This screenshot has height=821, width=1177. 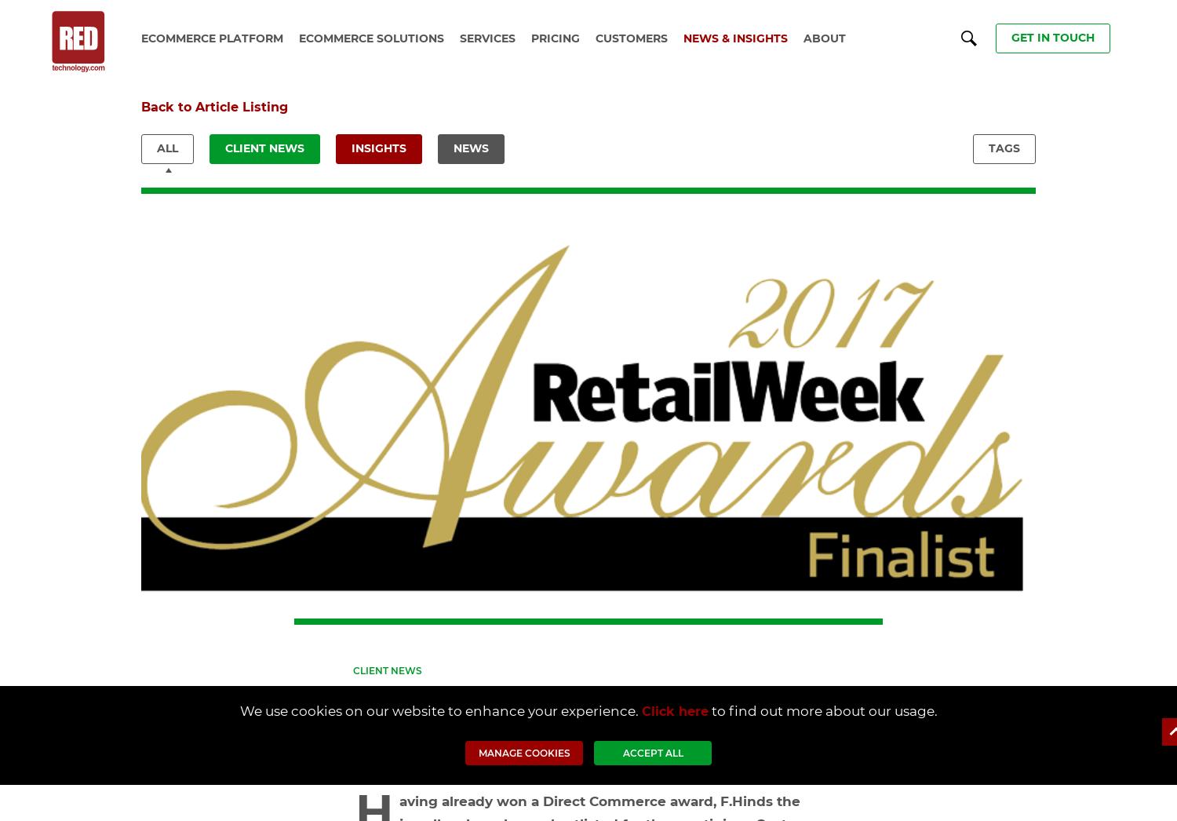 What do you see at coordinates (632, 37) in the screenshot?
I see `'Customers'` at bounding box center [632, 37].